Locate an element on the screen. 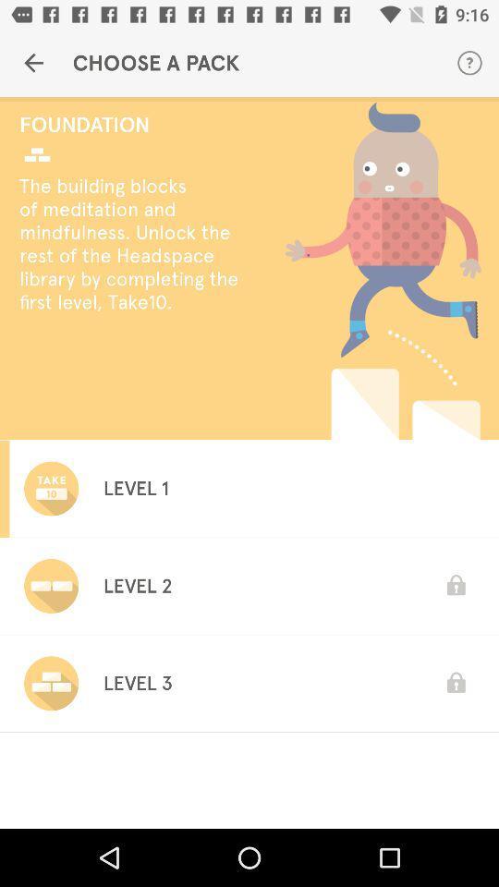 Image resolution: width=499 pixels, height=887 pixels. the icon to the right of the choose a pack is located at coordinates (469, 63).